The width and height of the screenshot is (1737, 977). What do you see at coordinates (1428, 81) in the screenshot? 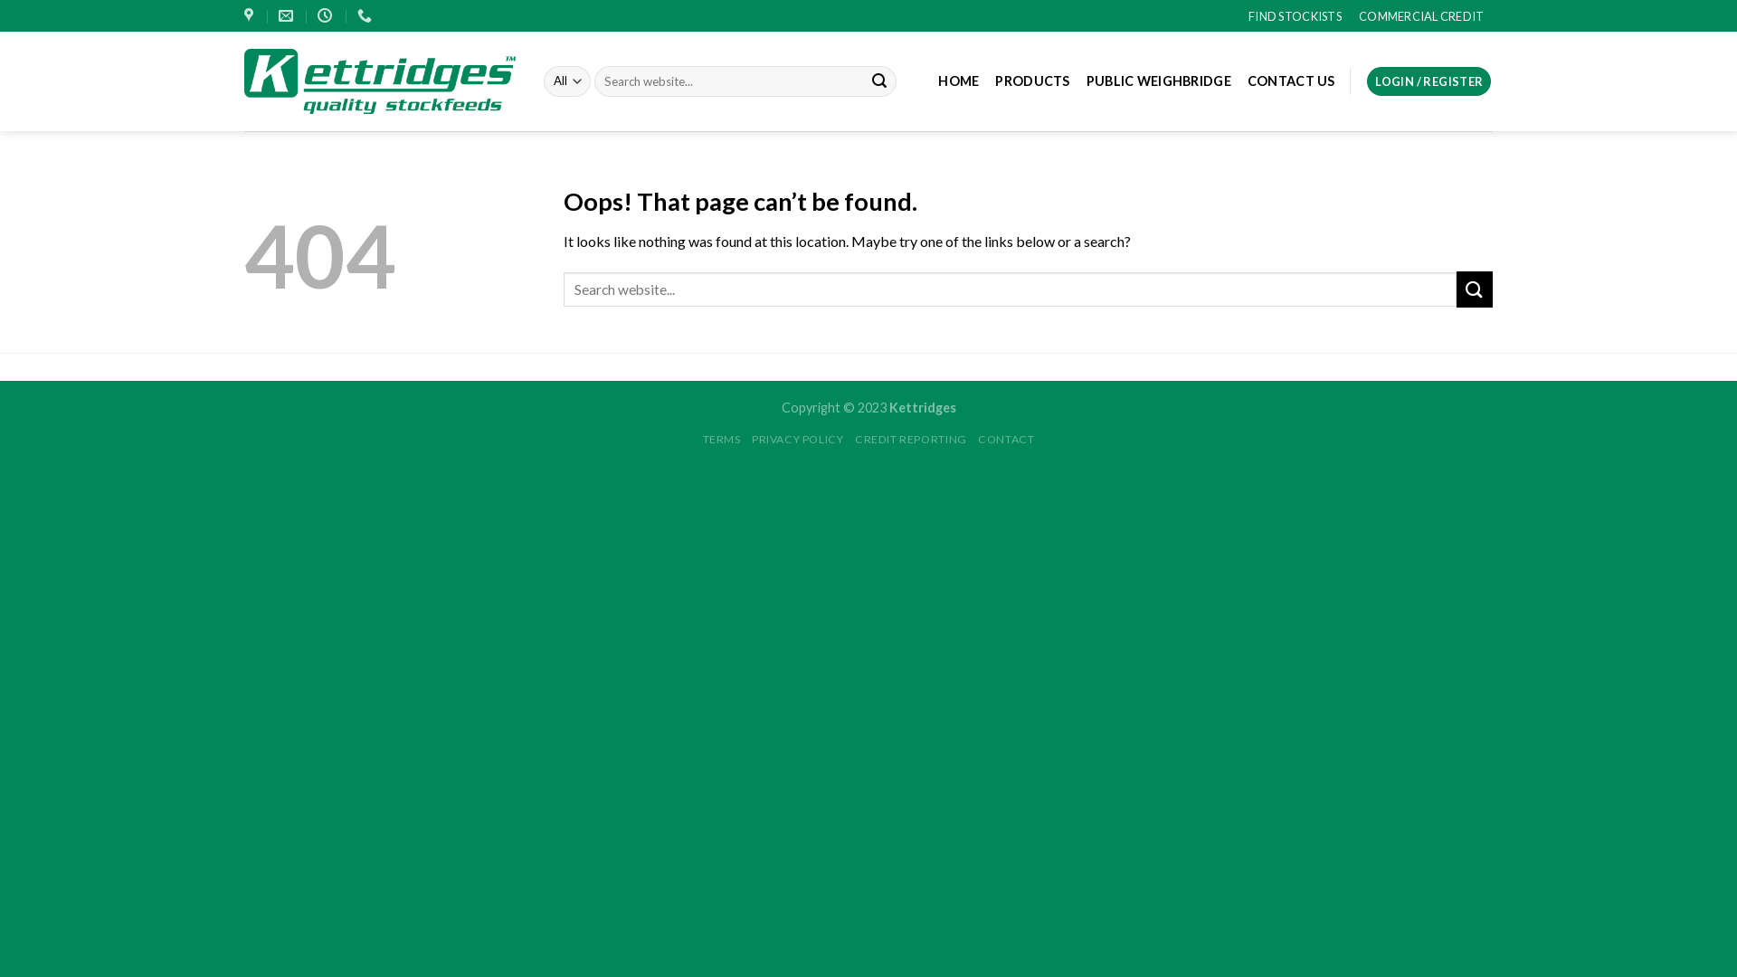
I see `'LOGIN / REGISTER'` at bounding box center [1428, 81].